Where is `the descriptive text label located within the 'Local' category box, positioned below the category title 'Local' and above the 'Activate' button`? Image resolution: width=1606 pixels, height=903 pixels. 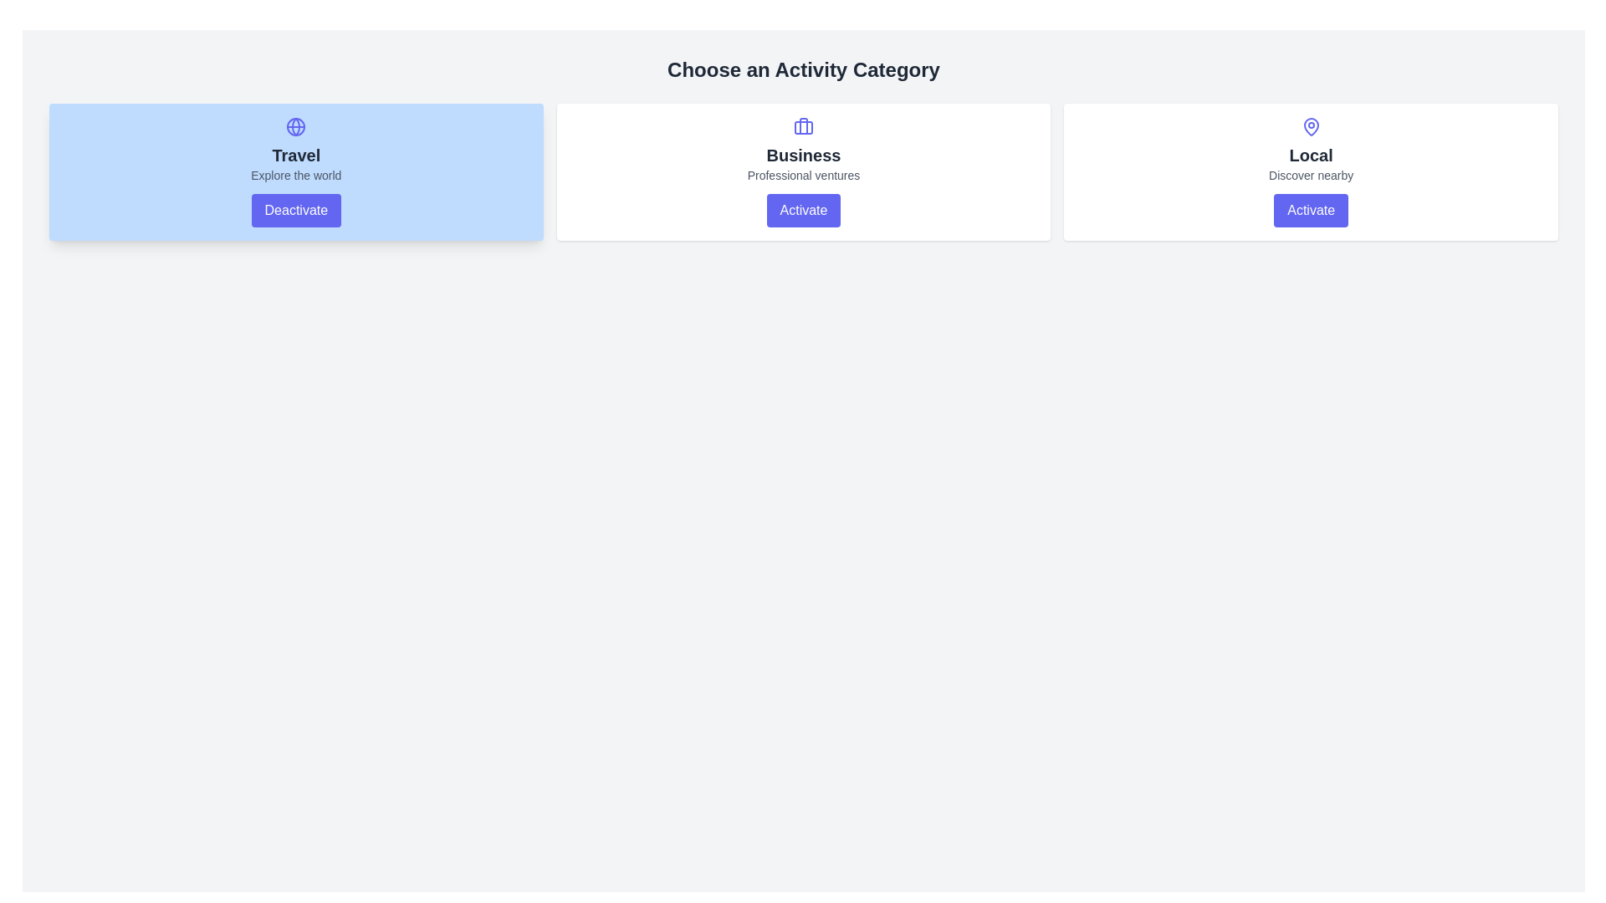
the descriptive text label located within the 'Local' category box, positioned below the category title 'Local' and above the 'Activate' button is located at coordinates (1310, 175).